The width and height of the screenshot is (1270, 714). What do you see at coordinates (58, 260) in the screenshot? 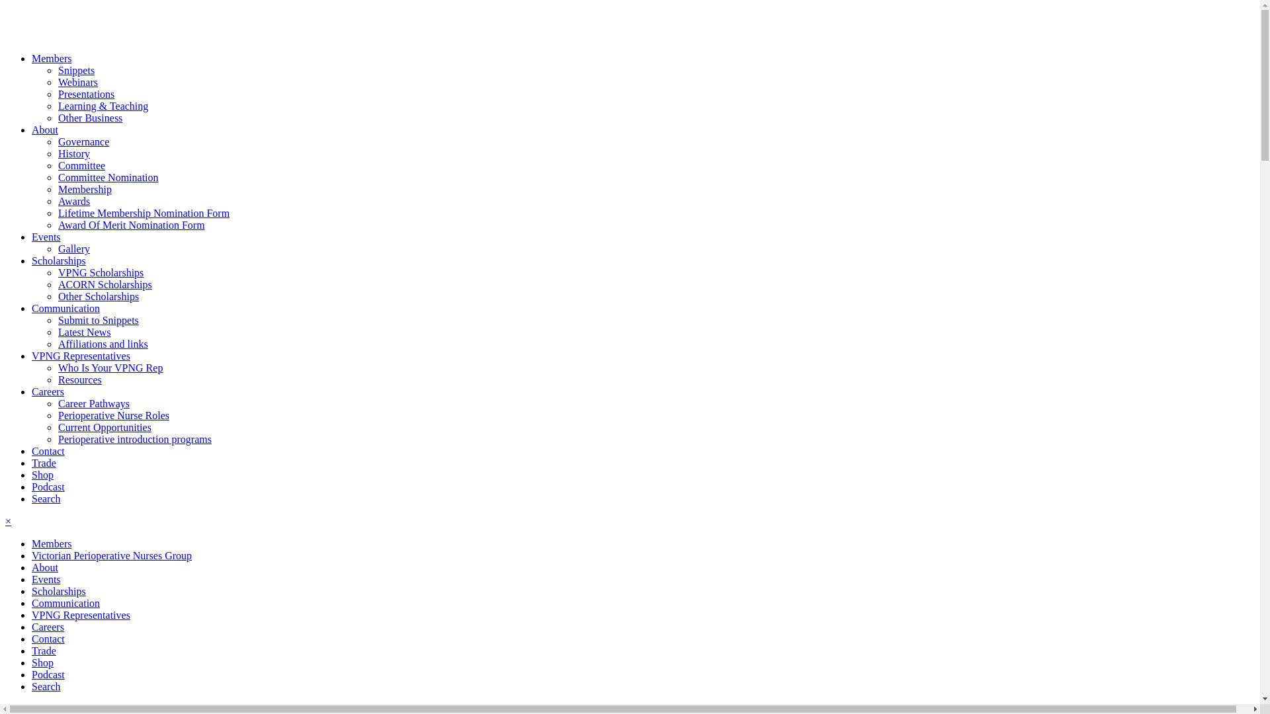
I see `'Scholarships'` at bounding box center [58, 260].